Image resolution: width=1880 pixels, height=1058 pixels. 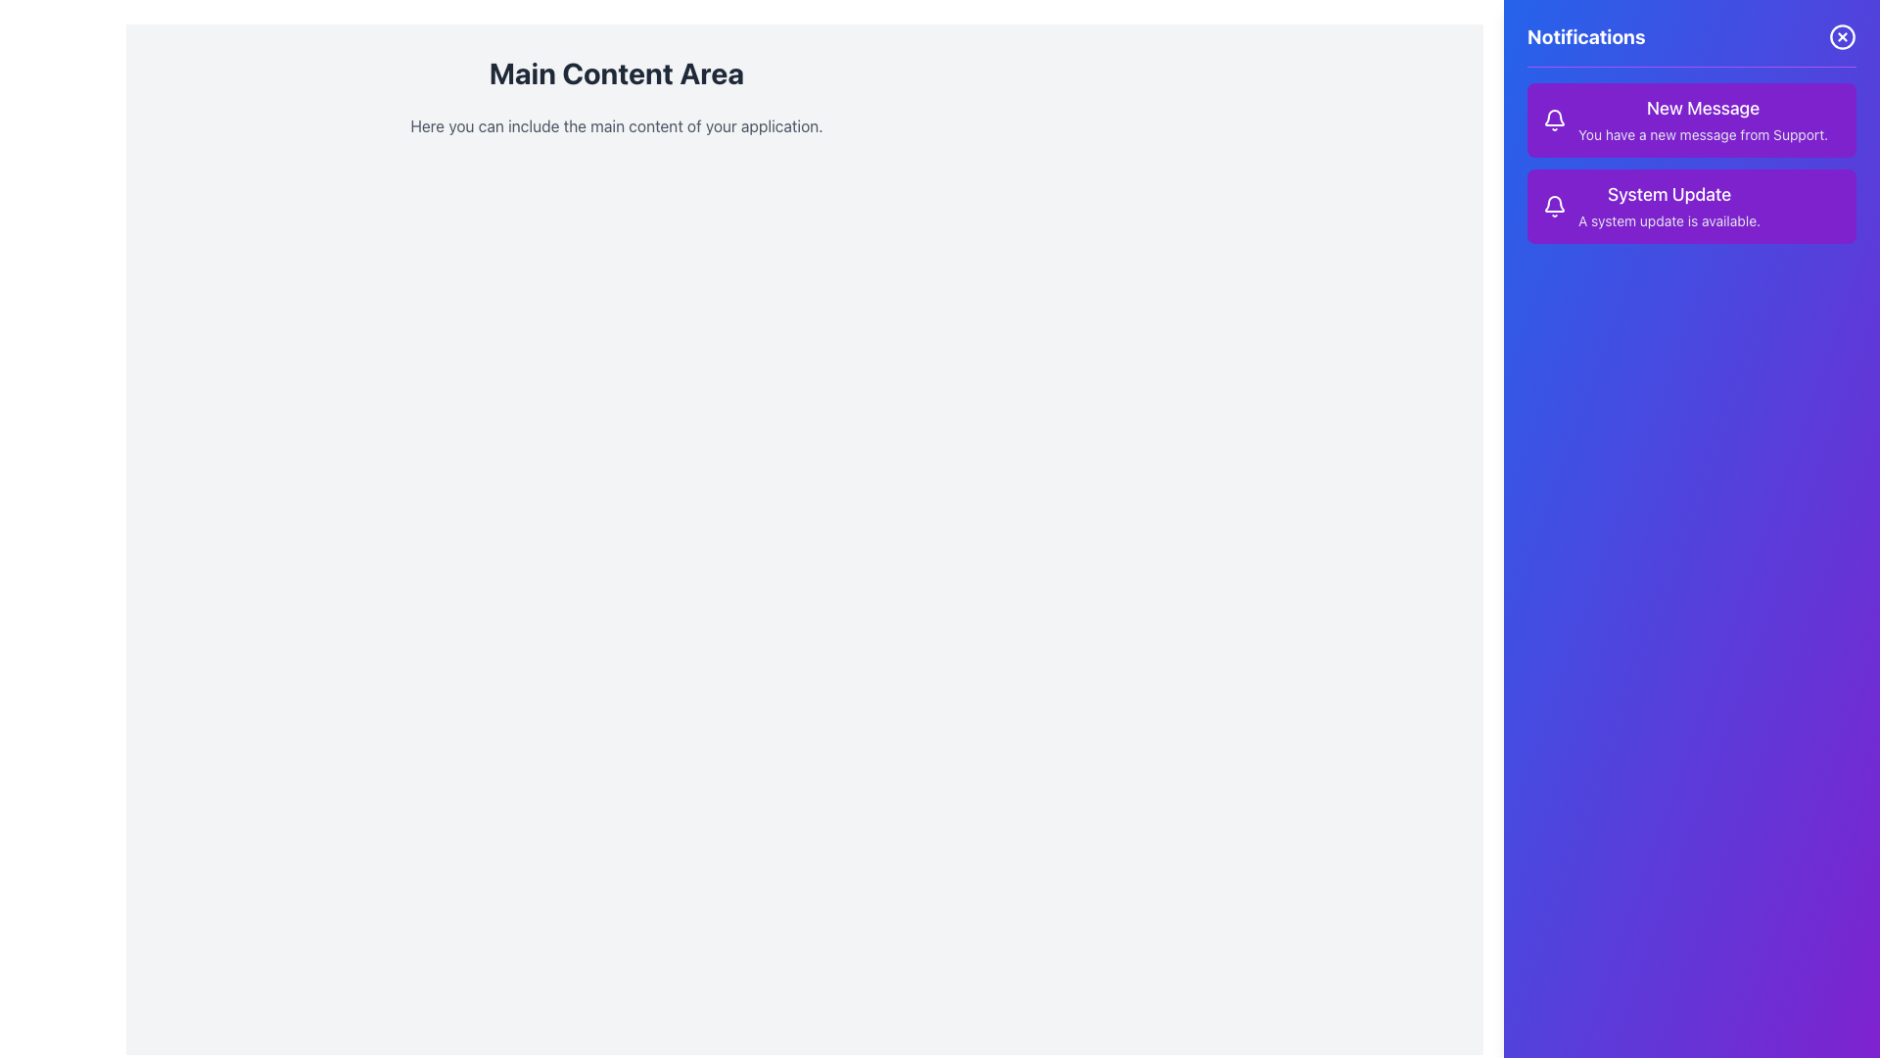 I want to click on the text label that serves as the title of a notification in the 'Notifications' panel, located at the top of the notification card, so click(x=1702, y=109).